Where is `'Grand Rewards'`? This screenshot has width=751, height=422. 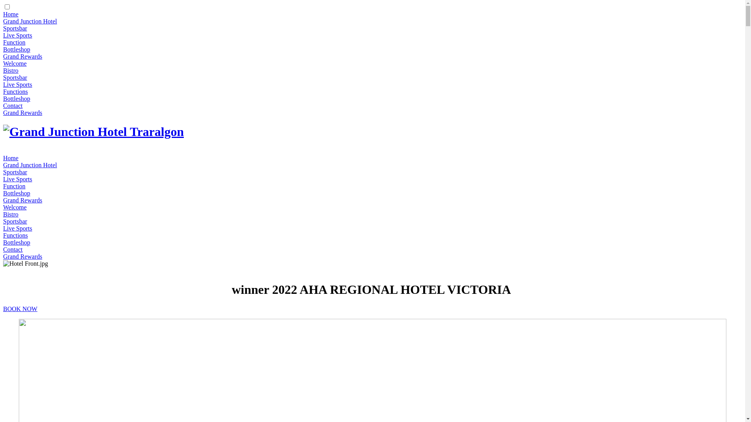 'Grand Rewards' is located at coordinates (22, 200).